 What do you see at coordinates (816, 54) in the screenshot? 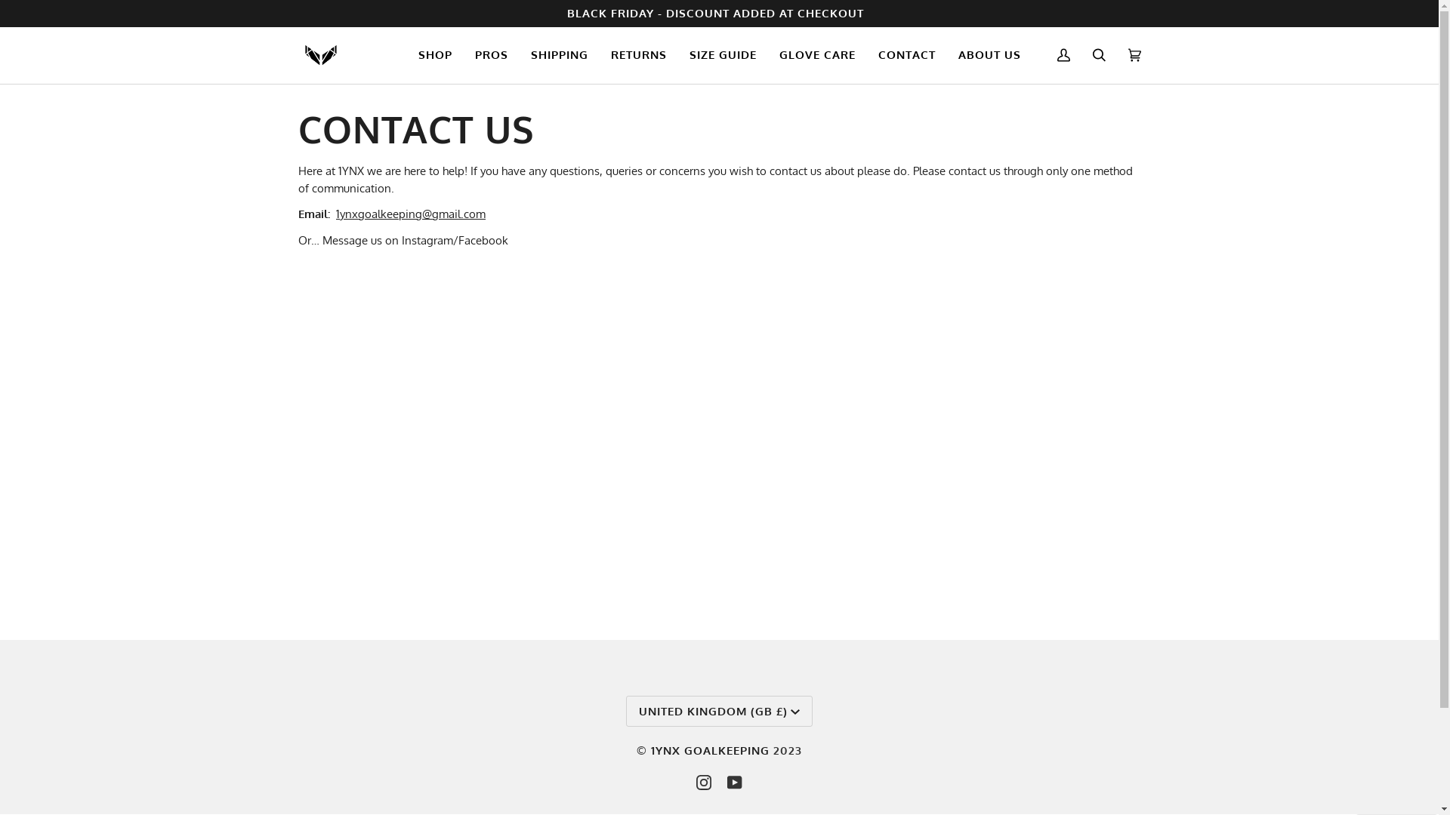
I see `'GLOVE CARE'` at bounding box center [816, 54].